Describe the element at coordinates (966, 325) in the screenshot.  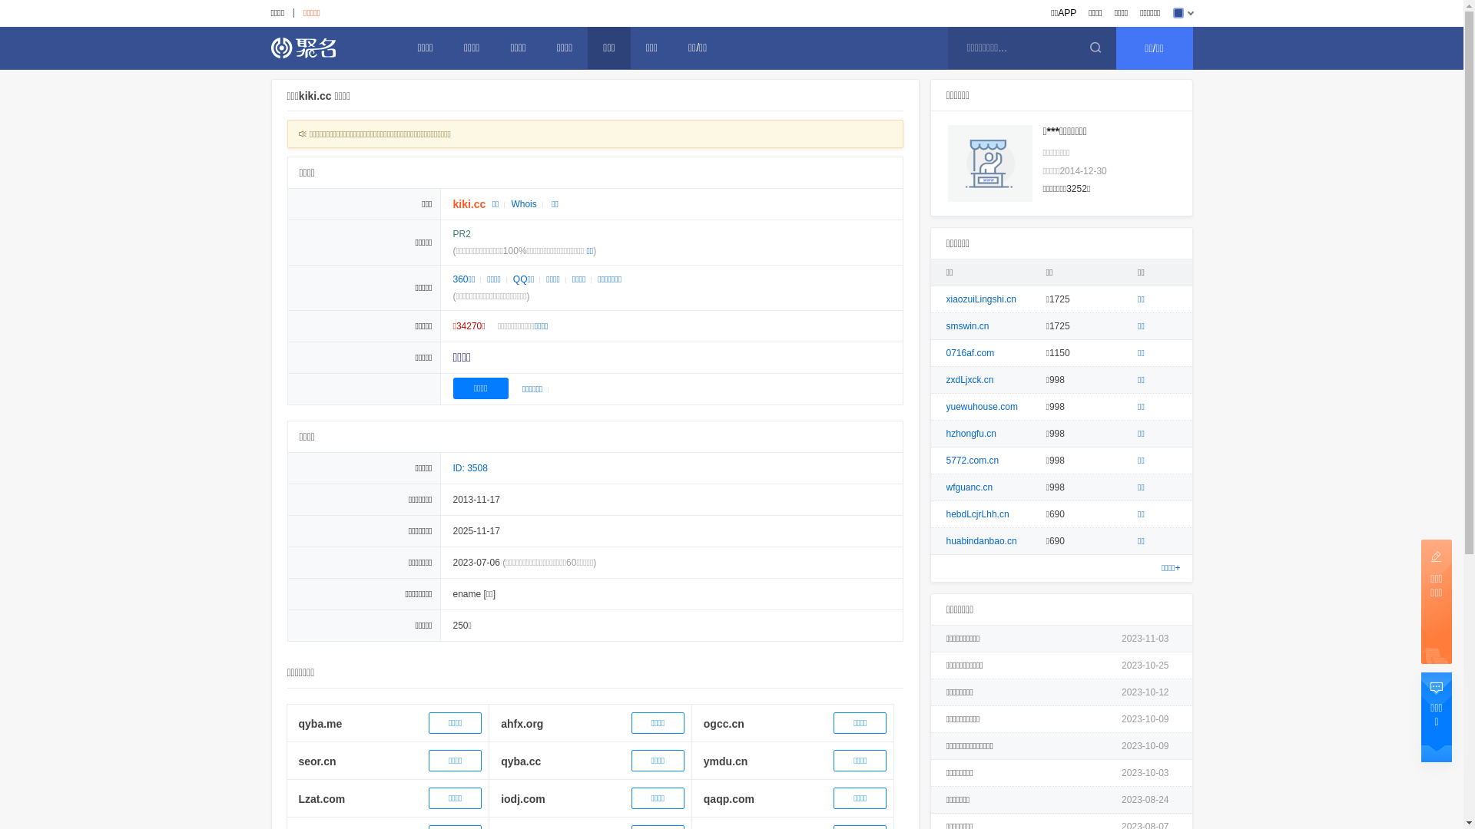
I see `'smswin.cn'` at that location.